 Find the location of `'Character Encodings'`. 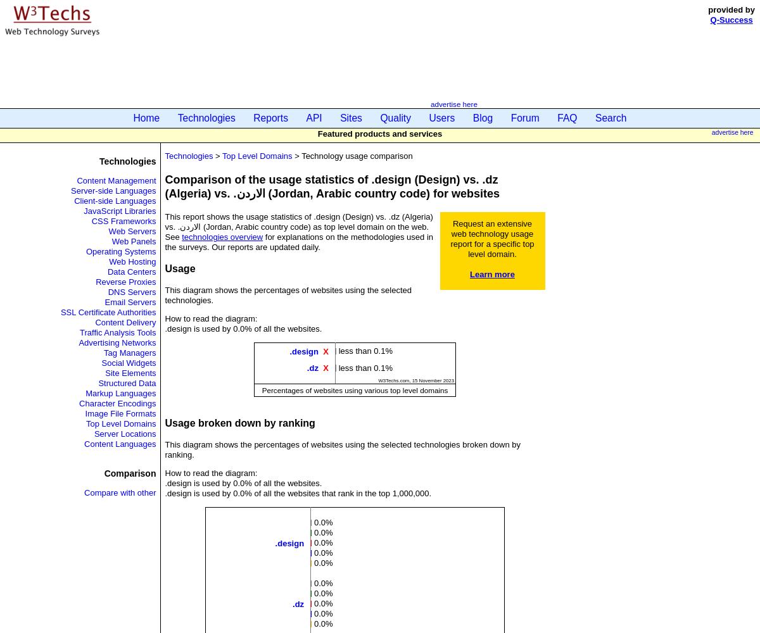

'Character Encodings' is located at coordinates (117, 403).